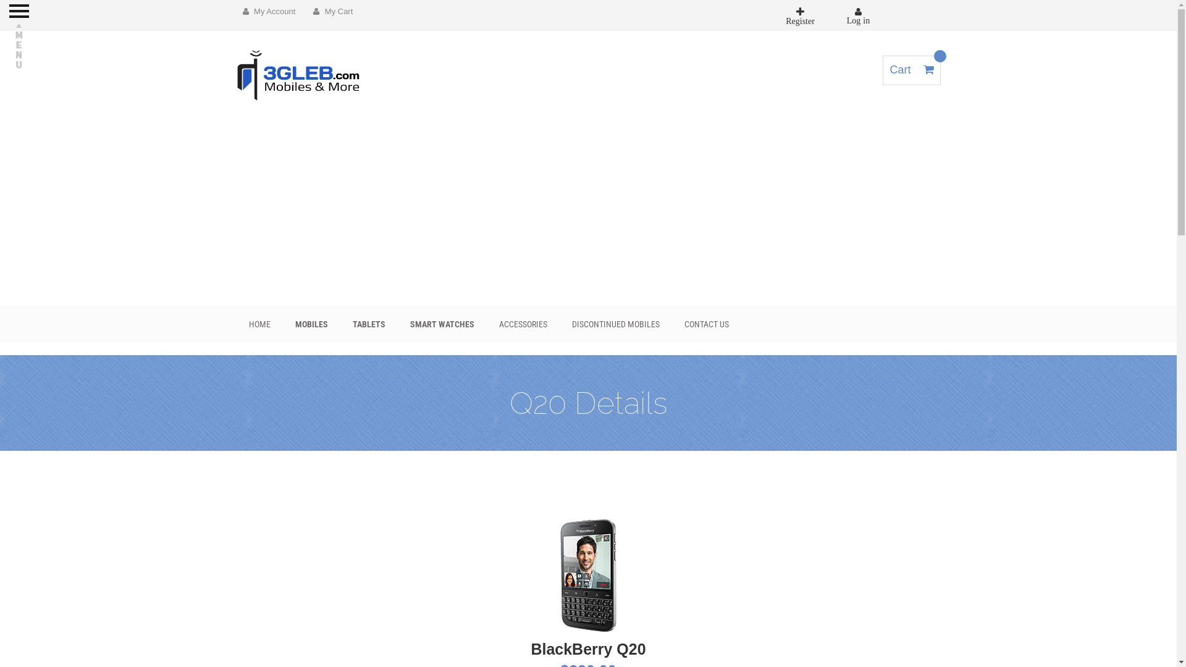  What do you see at coordinates (616, 323) in the screenshot?
I see `'DISCONTINUED MOBILES'` at bounding box center [616, 323].